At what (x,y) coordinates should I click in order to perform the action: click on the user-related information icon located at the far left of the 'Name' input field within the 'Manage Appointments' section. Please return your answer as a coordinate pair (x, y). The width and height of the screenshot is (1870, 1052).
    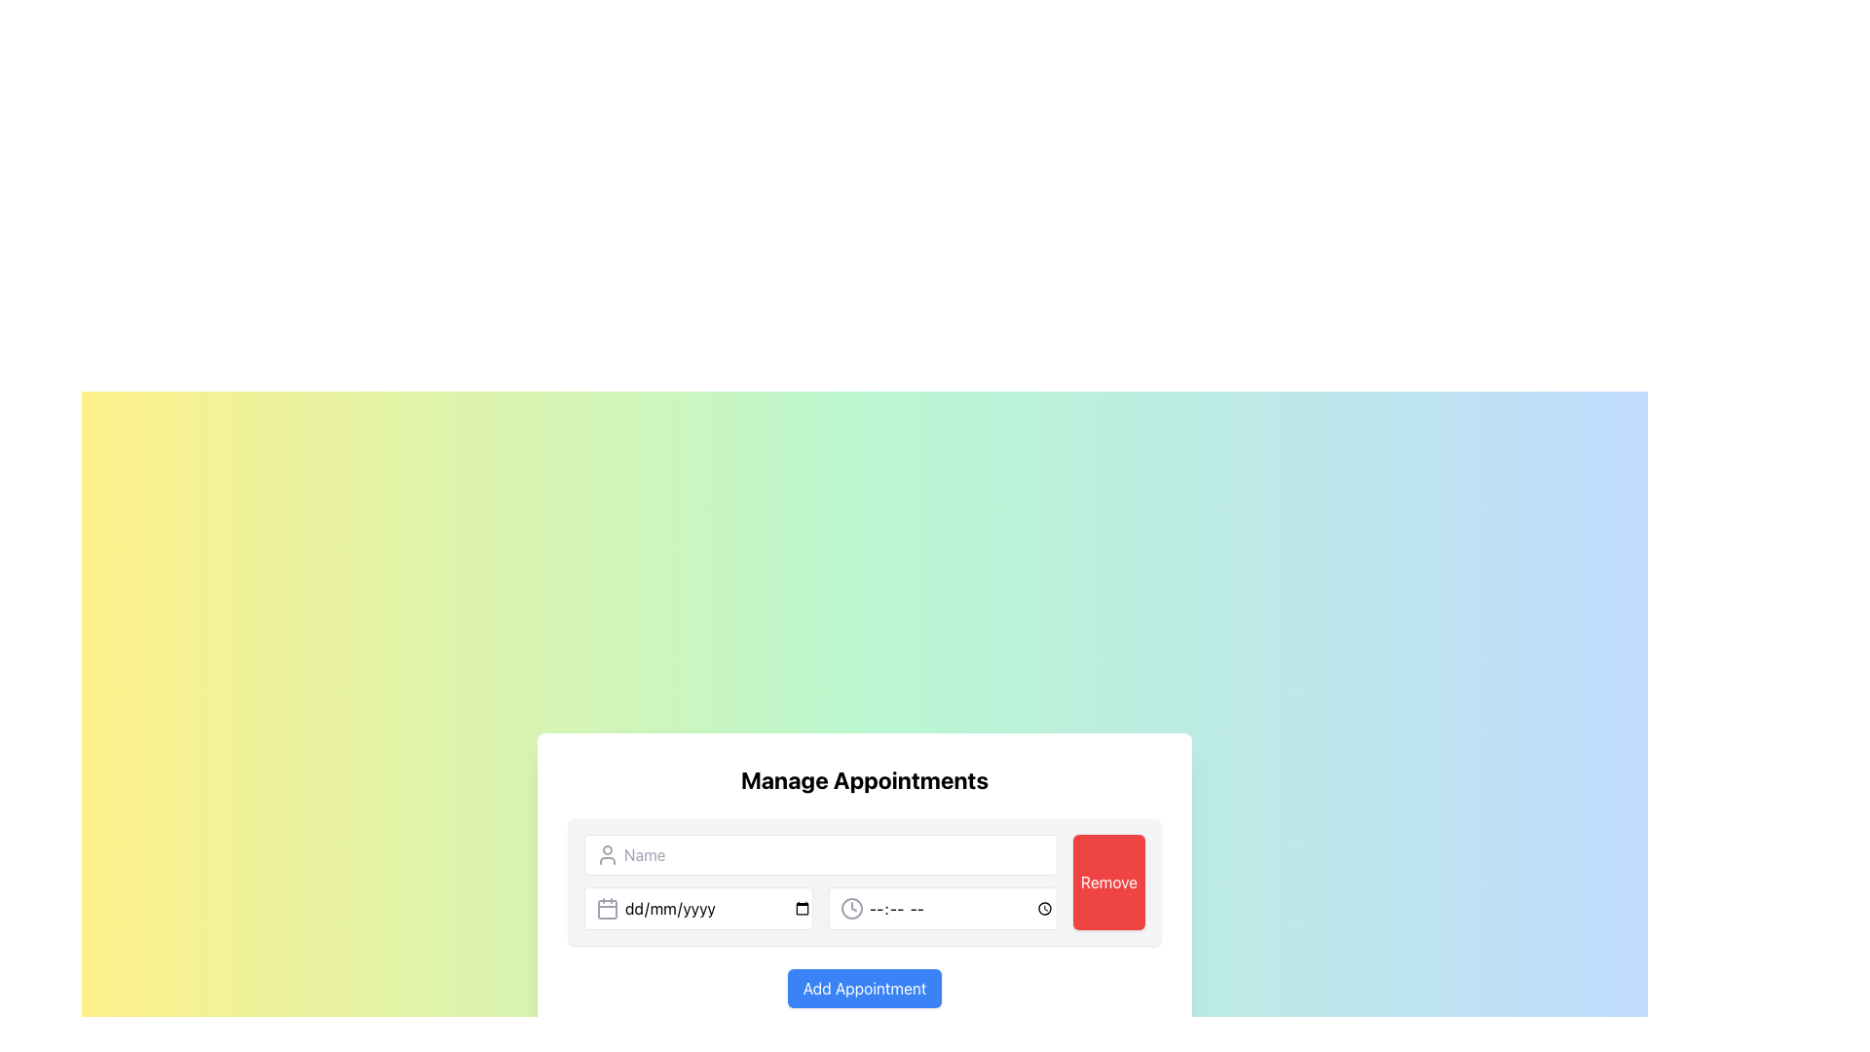
    Looking at the image, I should click on (607, 854).